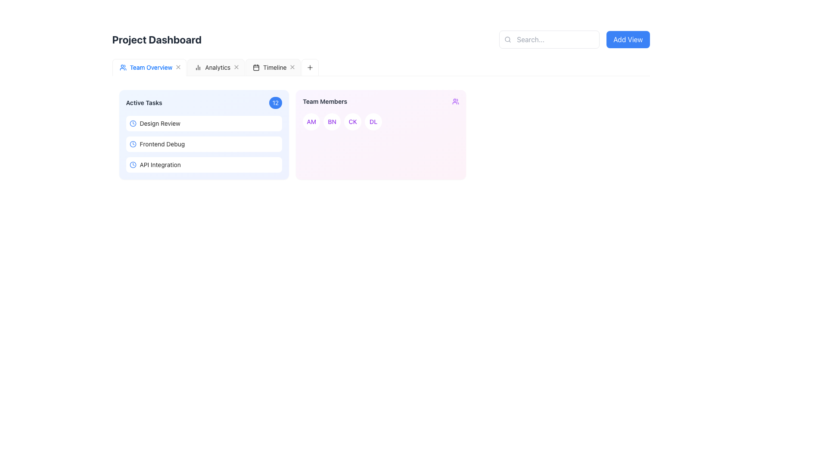 The image size is (827, 465). I want to click on the upper vertical line segment of the '+' icon, which serves as an 'Add' button, located centrally in the UI, so click(121, 67).